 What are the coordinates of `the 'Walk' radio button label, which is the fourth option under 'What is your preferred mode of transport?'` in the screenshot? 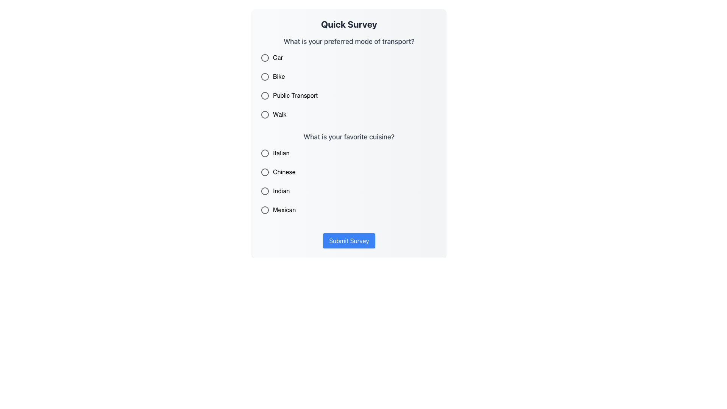 It's located at (279, 115).